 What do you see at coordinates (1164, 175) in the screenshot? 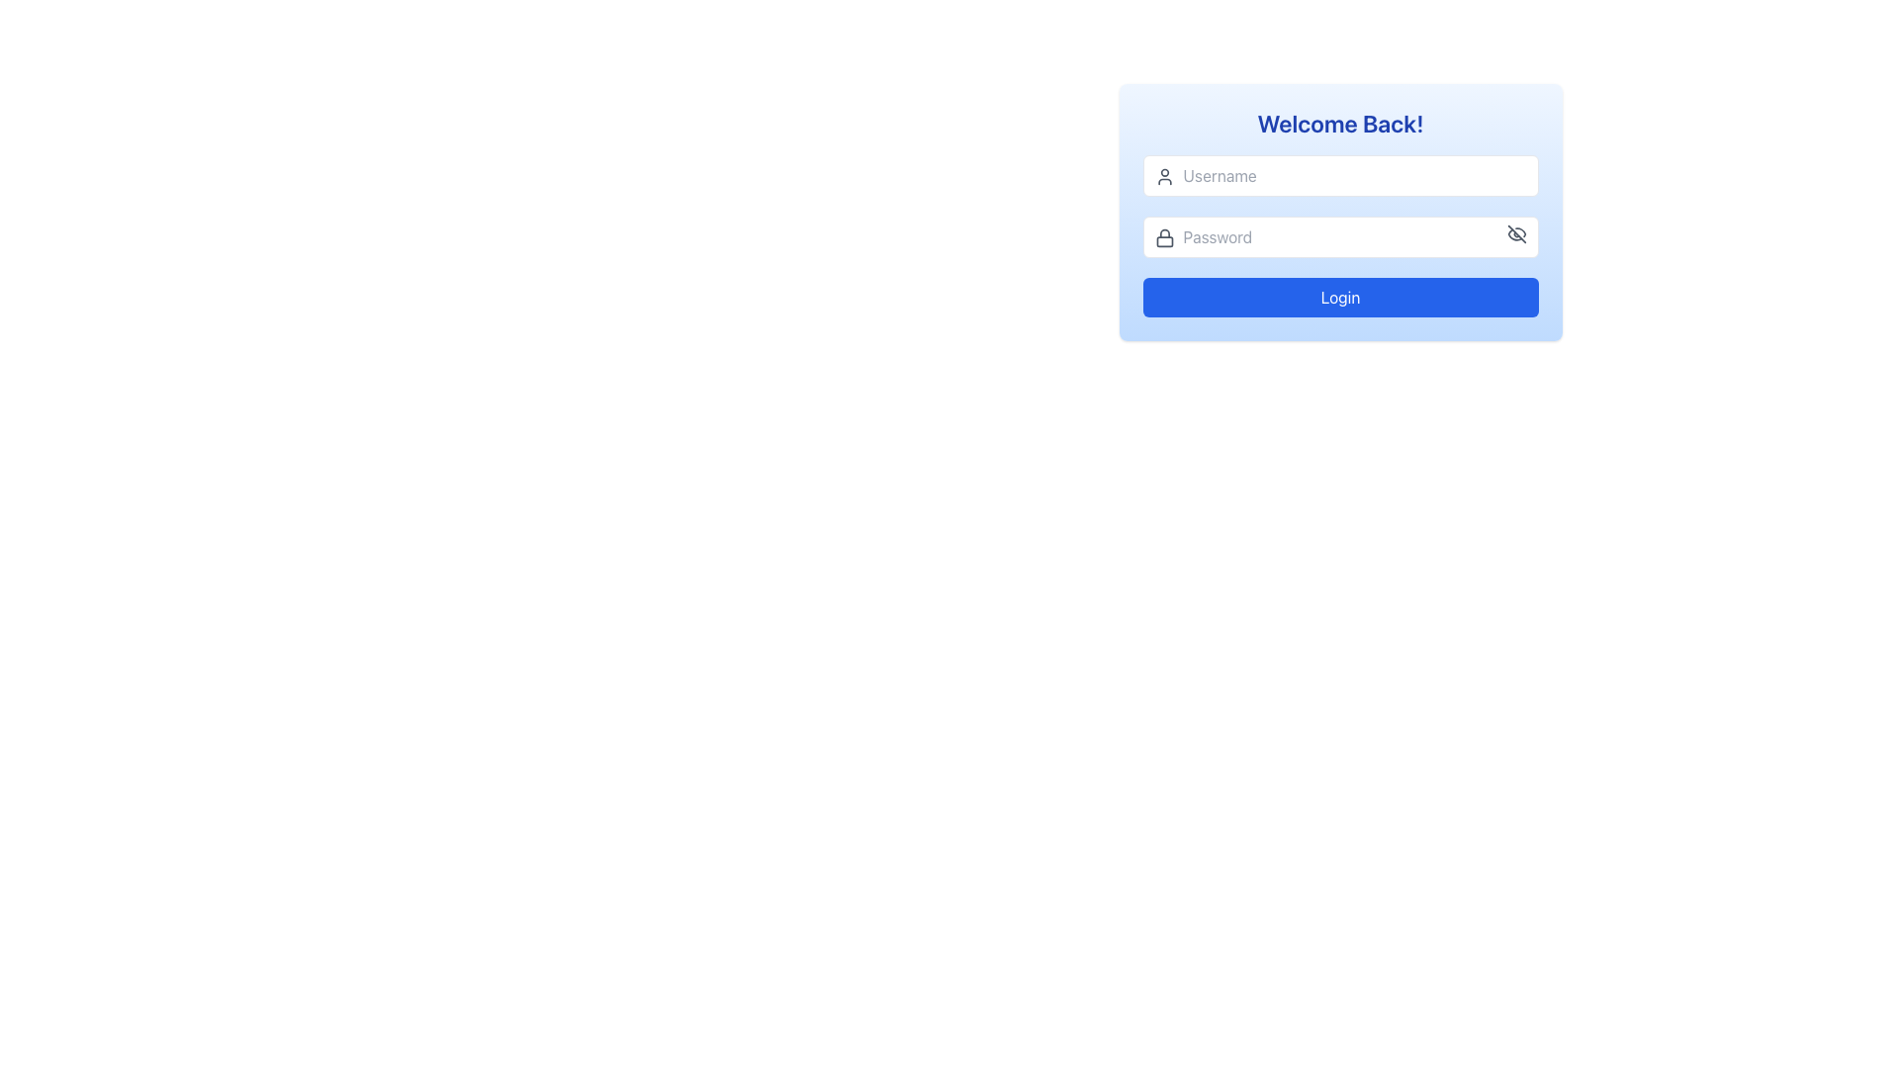
I see `the decorative icon positioned to the left of the username text input area in the login form` at bounding box center [1164, 175].